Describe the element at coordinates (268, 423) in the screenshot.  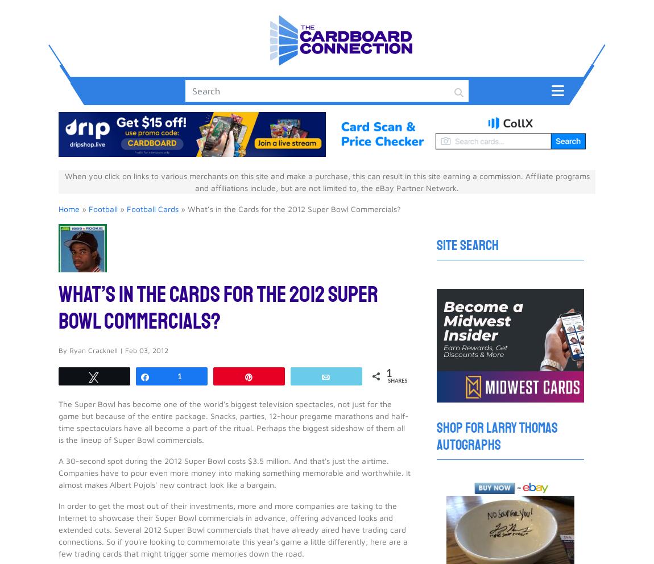
I see `'Email address:'` at that location.